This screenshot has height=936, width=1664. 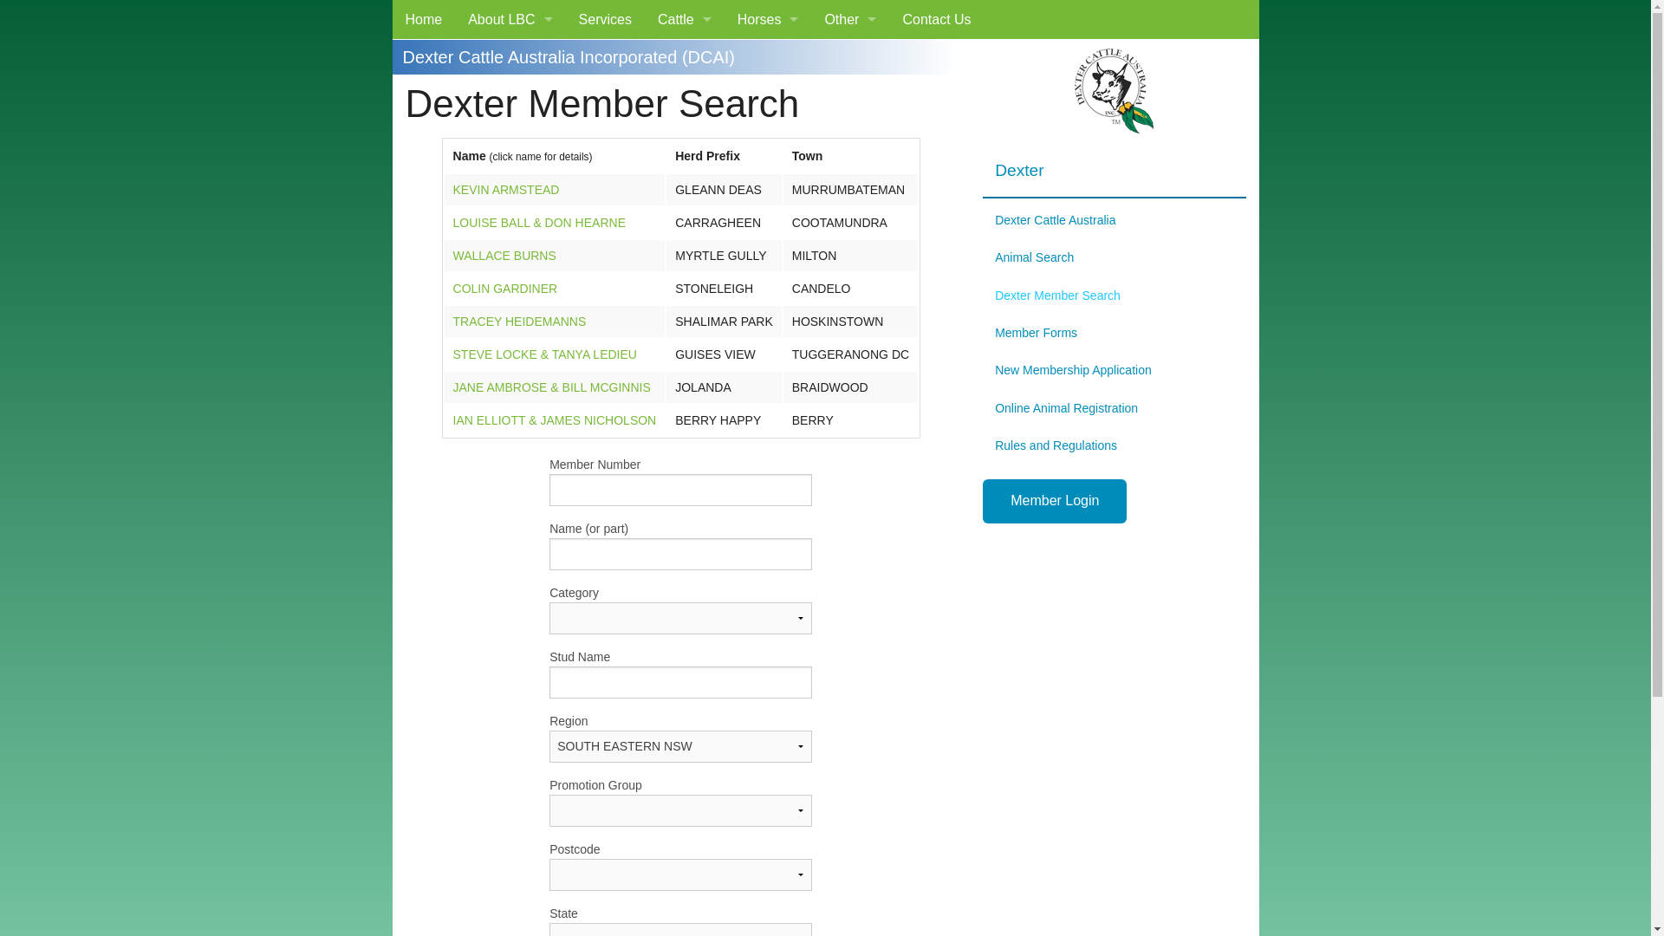 What do you see at coordinates (767, 19) in the screenshot?
I see `'Horses'` at bounding box center [767, 19].